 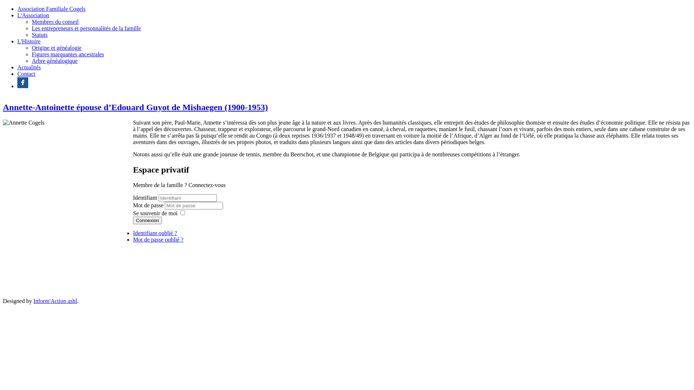 I want to click on 'L'Histoire', so click(x=29, y=41).